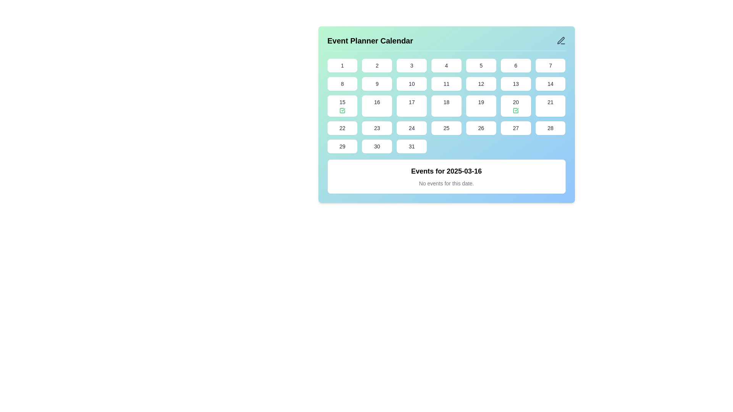  Describe the element at coordinates (342, 84) in the screenshot. I see `the button representing the day '8' in the calendar` at that location.